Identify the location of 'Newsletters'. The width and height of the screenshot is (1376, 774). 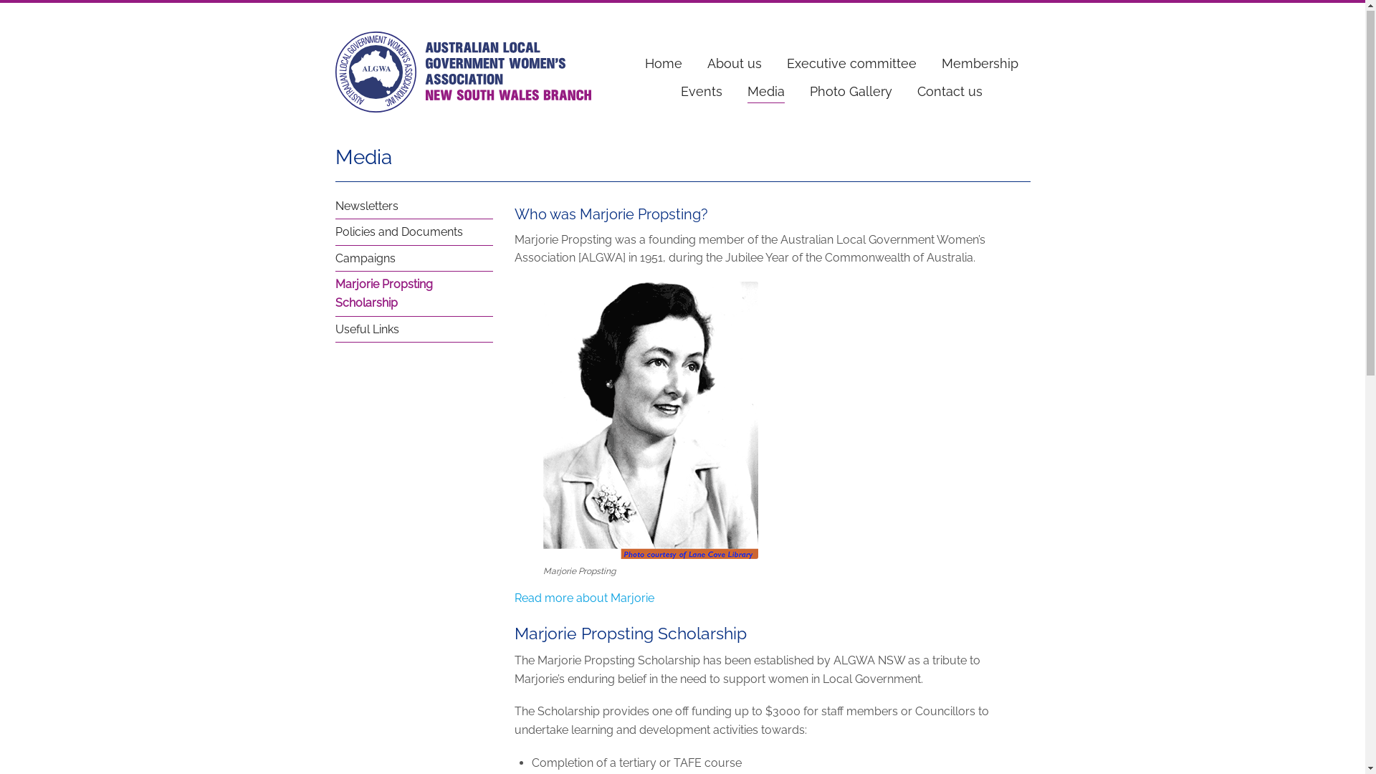
(334, 207).